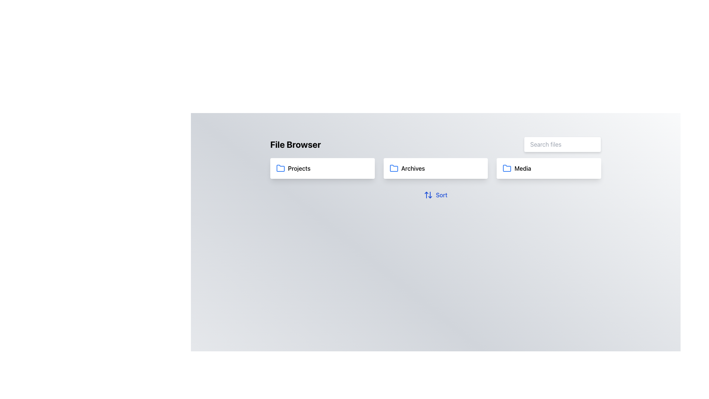 The height and width of the screenshot is (399, 709). I want to click on the 'Archives' text label located inside the card, positioned to the right of the folder icon and centered vertically within the card, so click(412, 168).